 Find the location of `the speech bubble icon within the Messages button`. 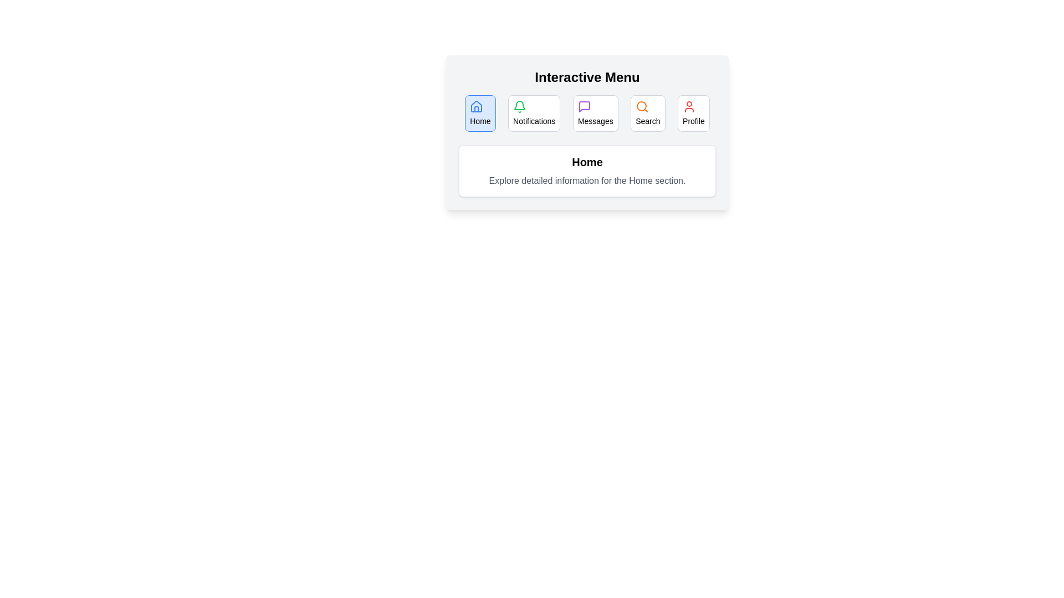

the speech bubble icon within the Messages button is located at coordinates (584, 106).